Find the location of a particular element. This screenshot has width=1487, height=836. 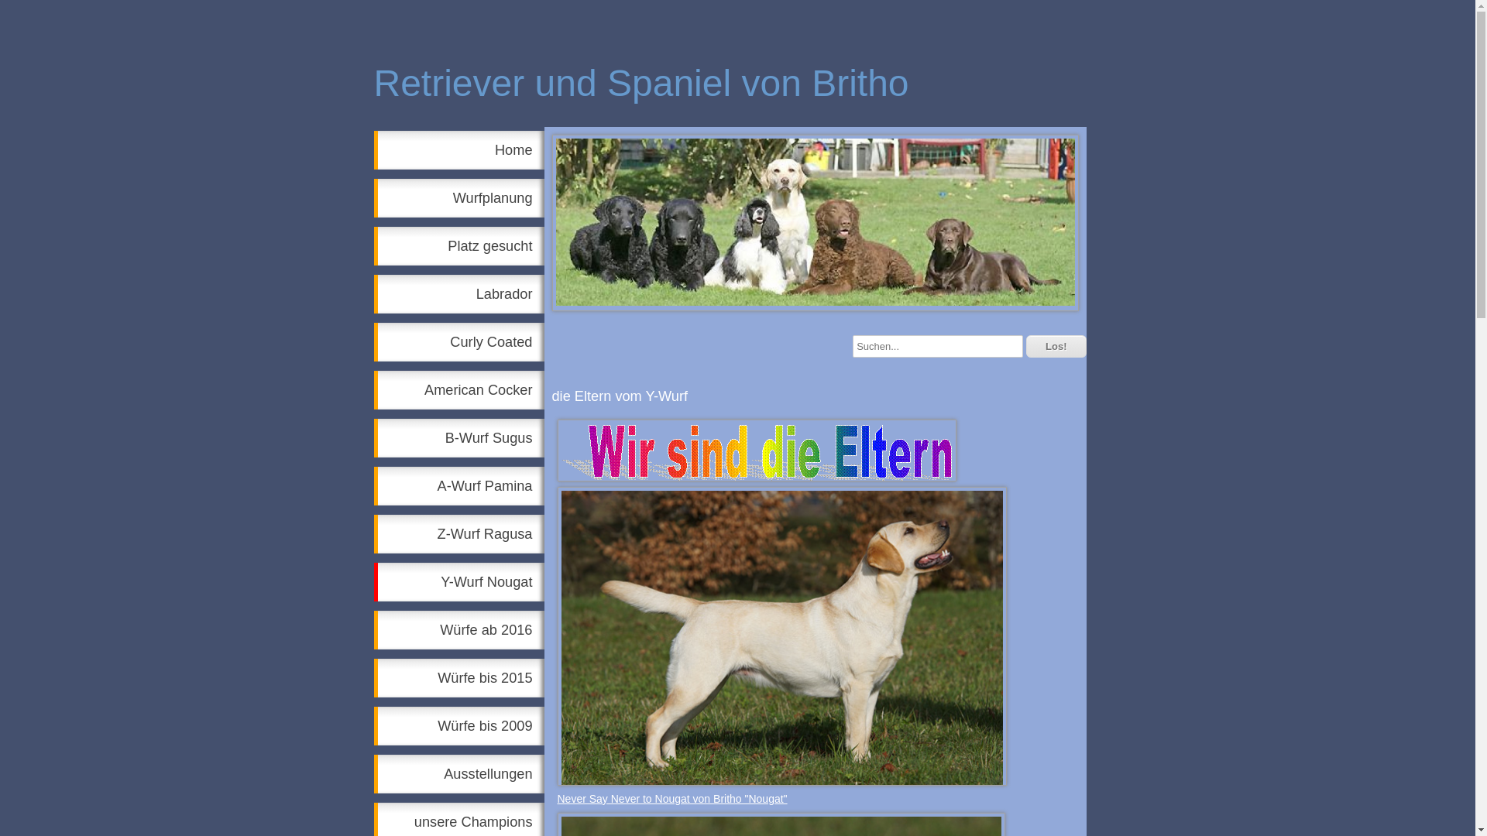

'B-Wurf Sugus' is located at coordinates (457, 438).